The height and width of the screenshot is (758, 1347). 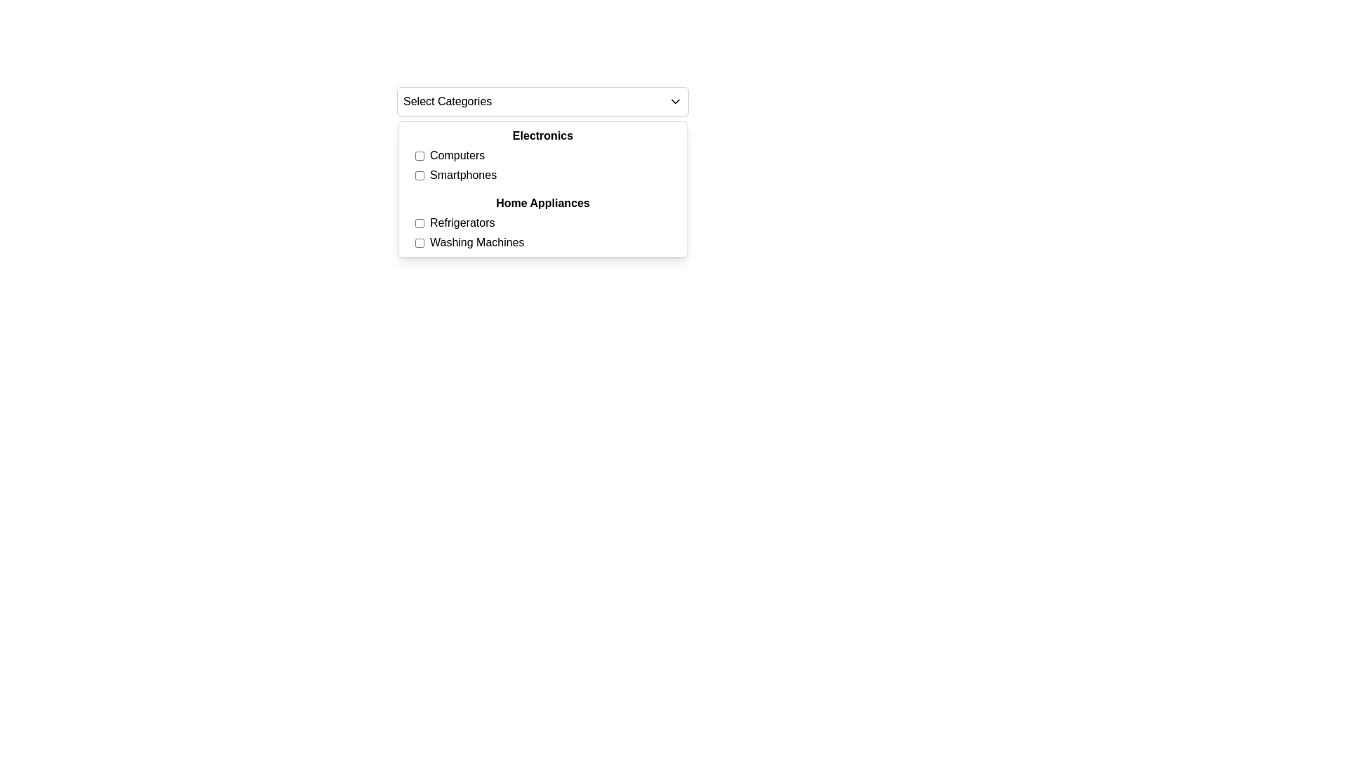 What do you see at coordinates (542, 135) in the screenshot?
I see `the category label in the dropdown menu labeled 'Select Categories' that is positioned above 'Computers' and 'Smartphones'` at bounding box center [542, 135].